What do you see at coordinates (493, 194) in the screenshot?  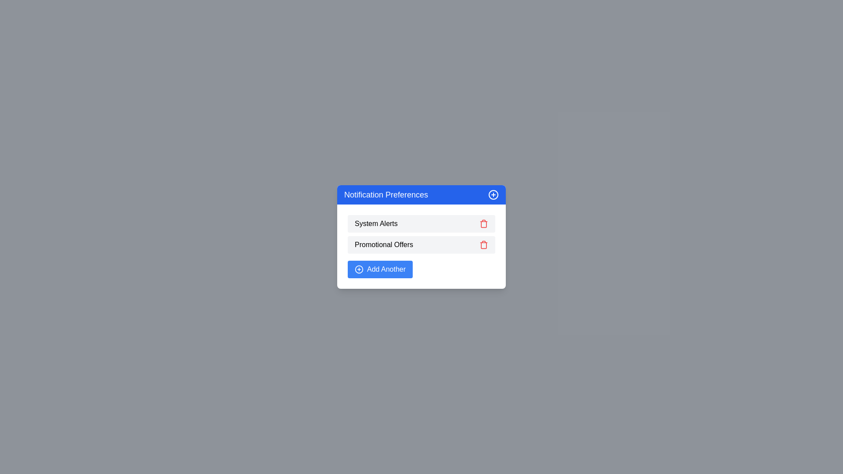 I see `the icon in the top-right corner of the notification preferences panel` at bounding box center [493, 194].